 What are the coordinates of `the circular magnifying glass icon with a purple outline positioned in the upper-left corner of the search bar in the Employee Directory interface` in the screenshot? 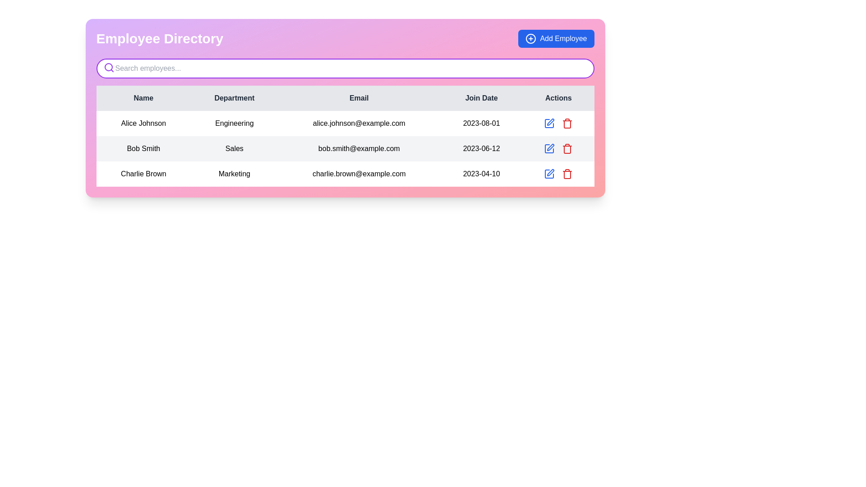 It's located at (108, 67).